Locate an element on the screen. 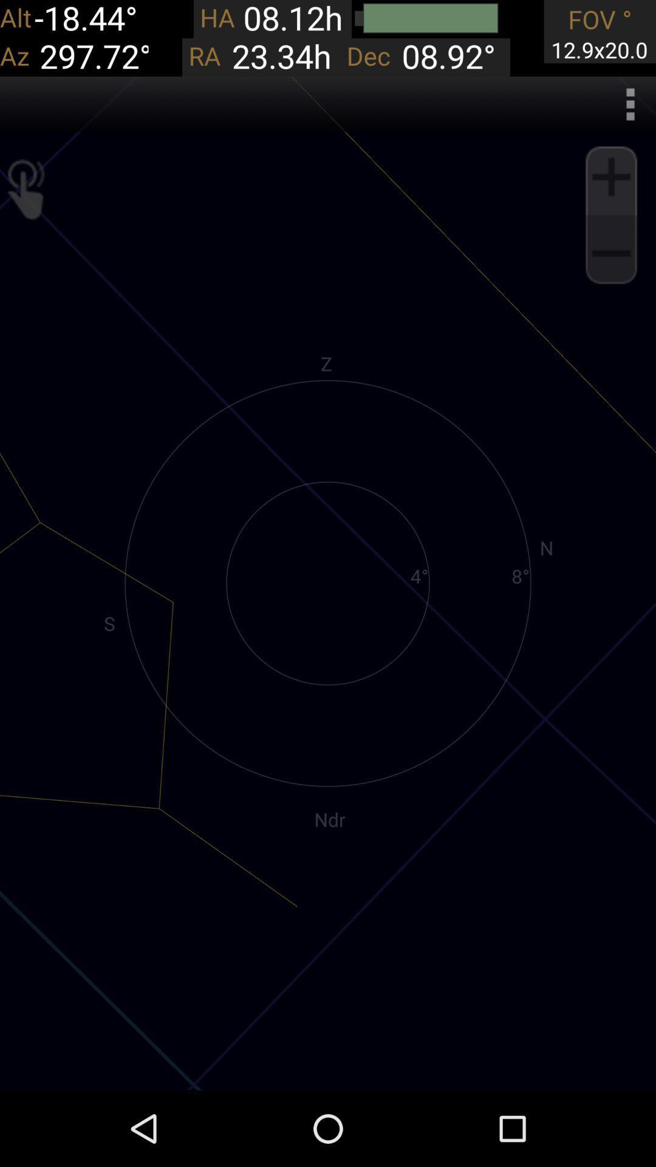 The height and width of the screenshot is (1167, 656). zoom out button is located at coordinates (611, 253).